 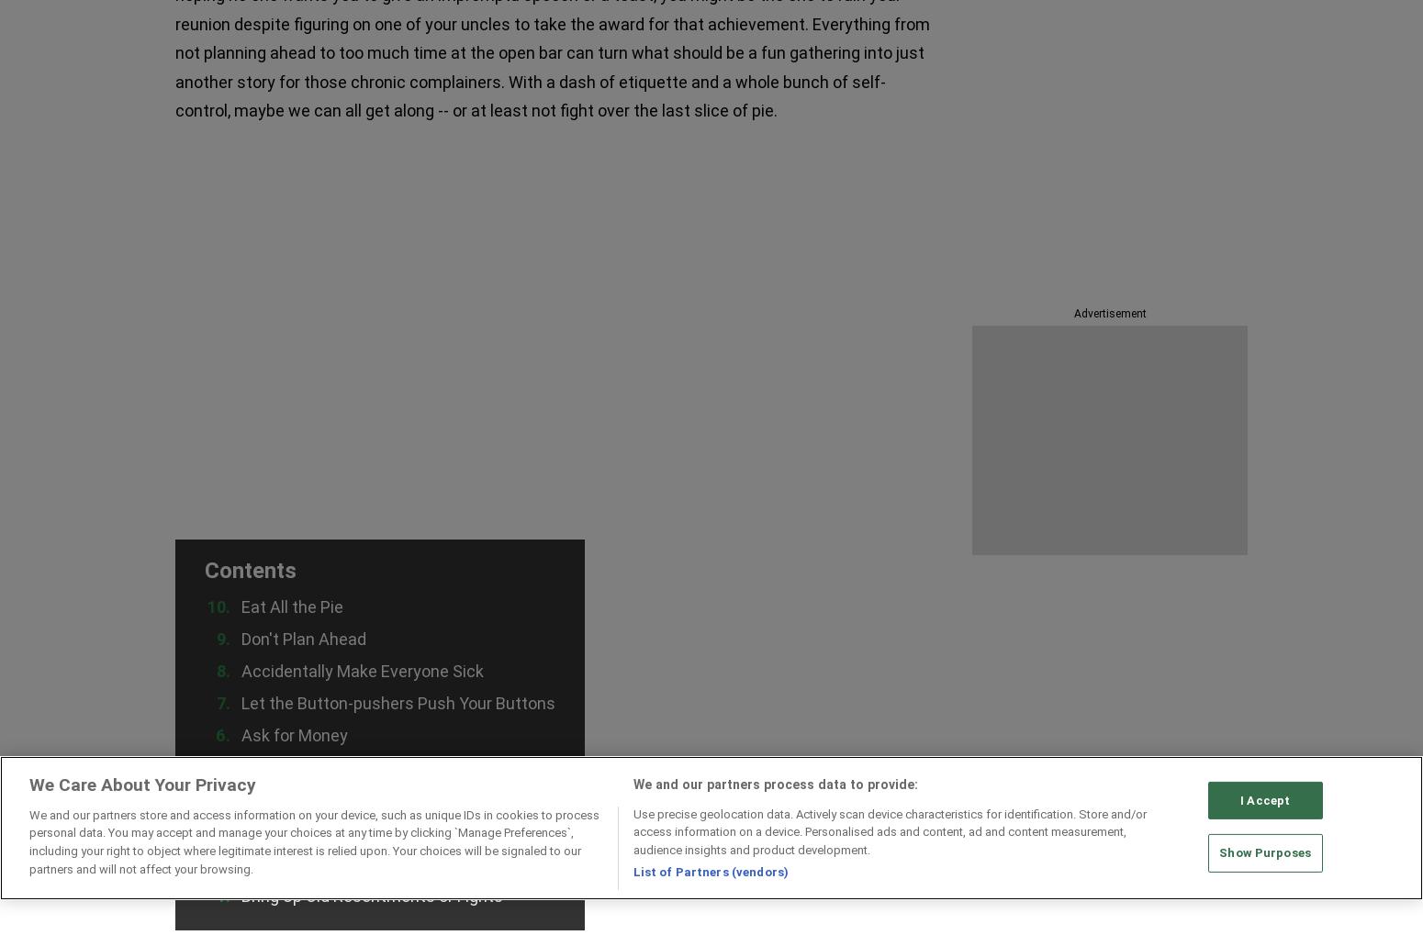 I want to click on 'Don't Plan Ahead', so click(x=302, y=637).